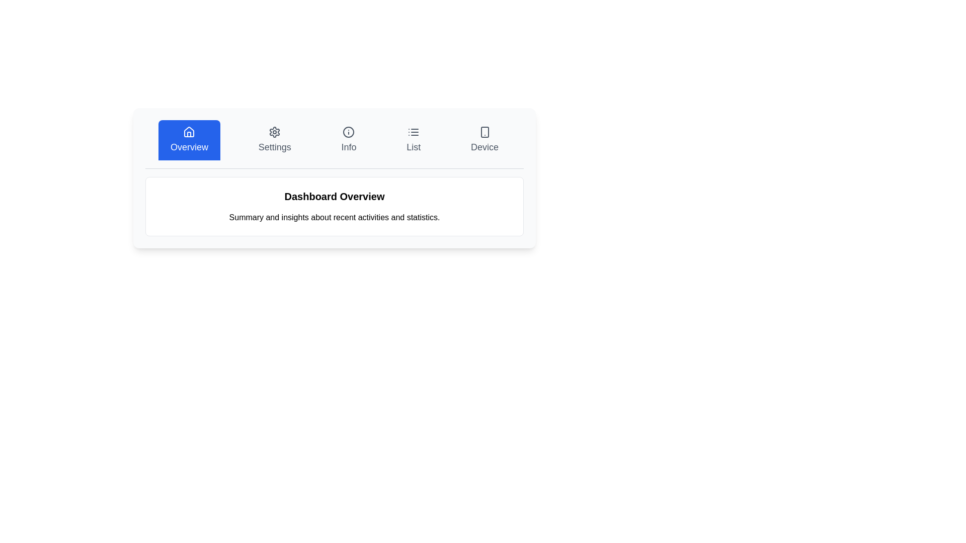 The width and height of the screenshot is (966, 543). Describe the element at coordinates (414, 131) in the screenshot. I see `the 'List' menu option icon located in the middle upper section of the interface, directly above the label 'List'` at that location.